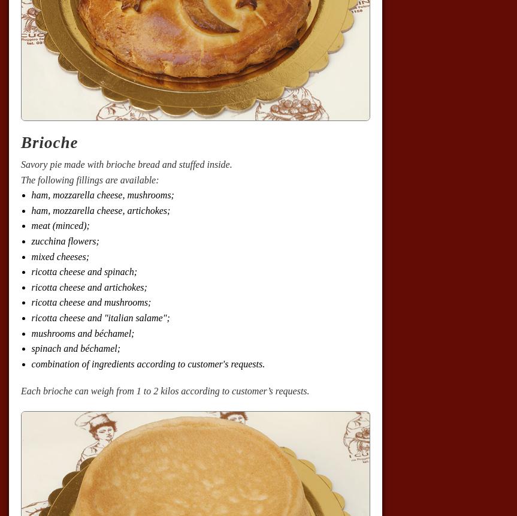 The width and height of the screenshot is (517, 516). Describe the element at coordinates (31, 225) in the screenshot. I see `'meat (minced);'` at that location.